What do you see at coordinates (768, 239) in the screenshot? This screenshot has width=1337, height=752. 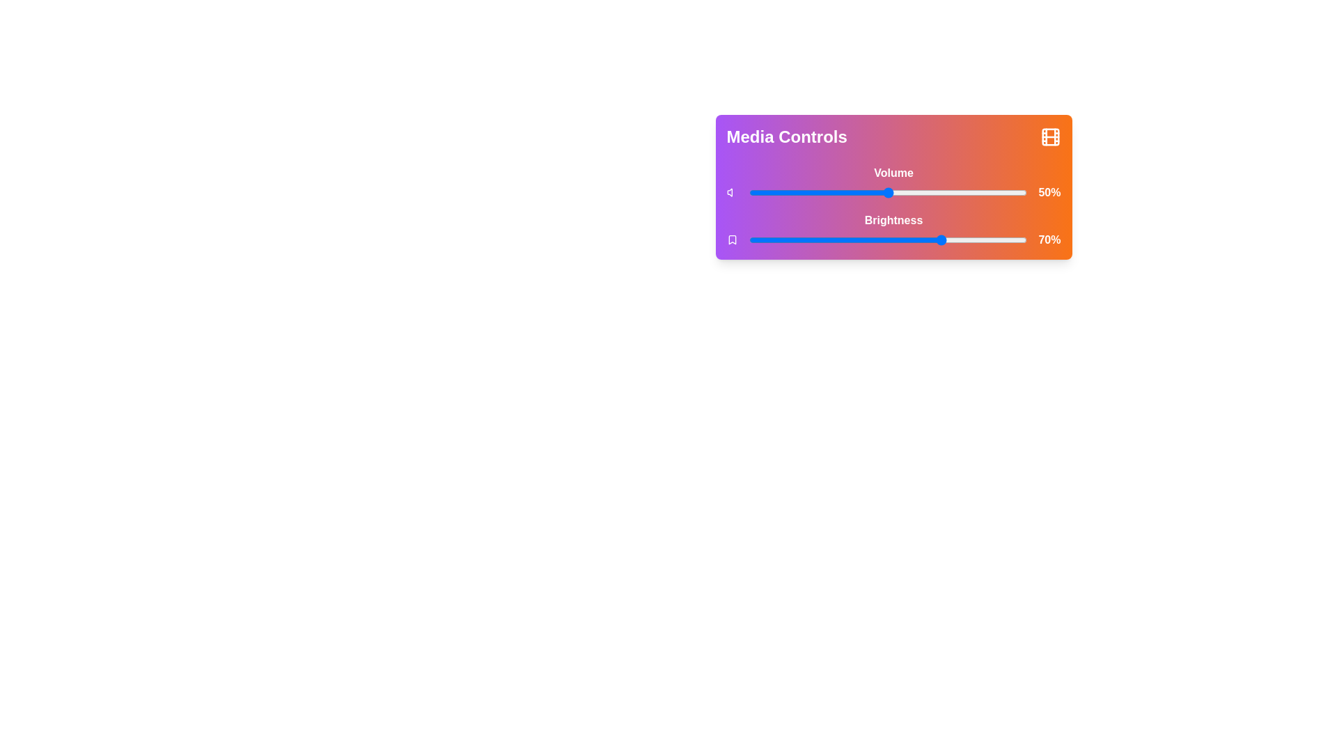 I see `the brightness slider to 7%` at bounding box center [768, 239].